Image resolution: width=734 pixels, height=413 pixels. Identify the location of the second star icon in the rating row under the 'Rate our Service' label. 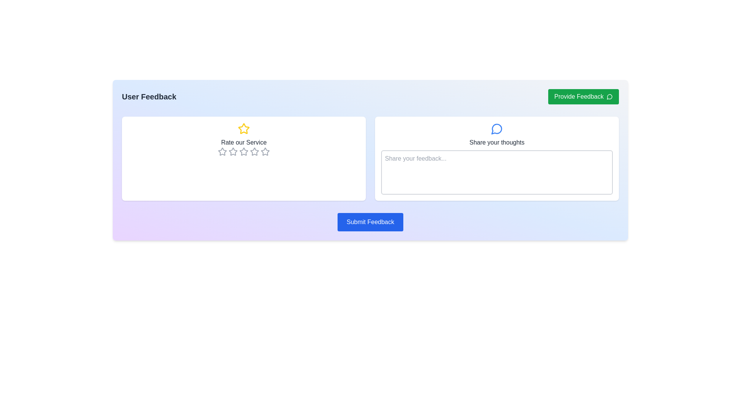
(232, 151).